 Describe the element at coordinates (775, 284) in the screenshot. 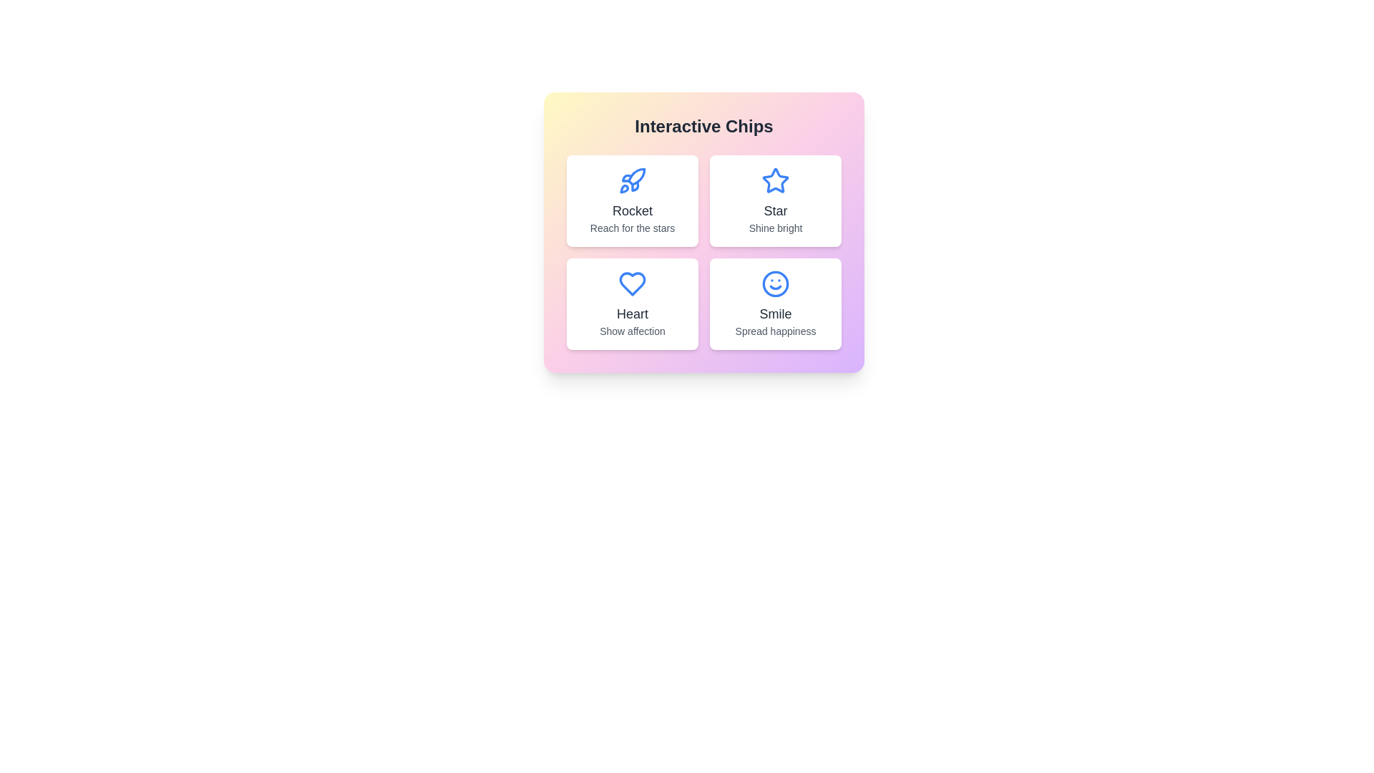

I see `the icon of the chip labeled Smile` at that location.